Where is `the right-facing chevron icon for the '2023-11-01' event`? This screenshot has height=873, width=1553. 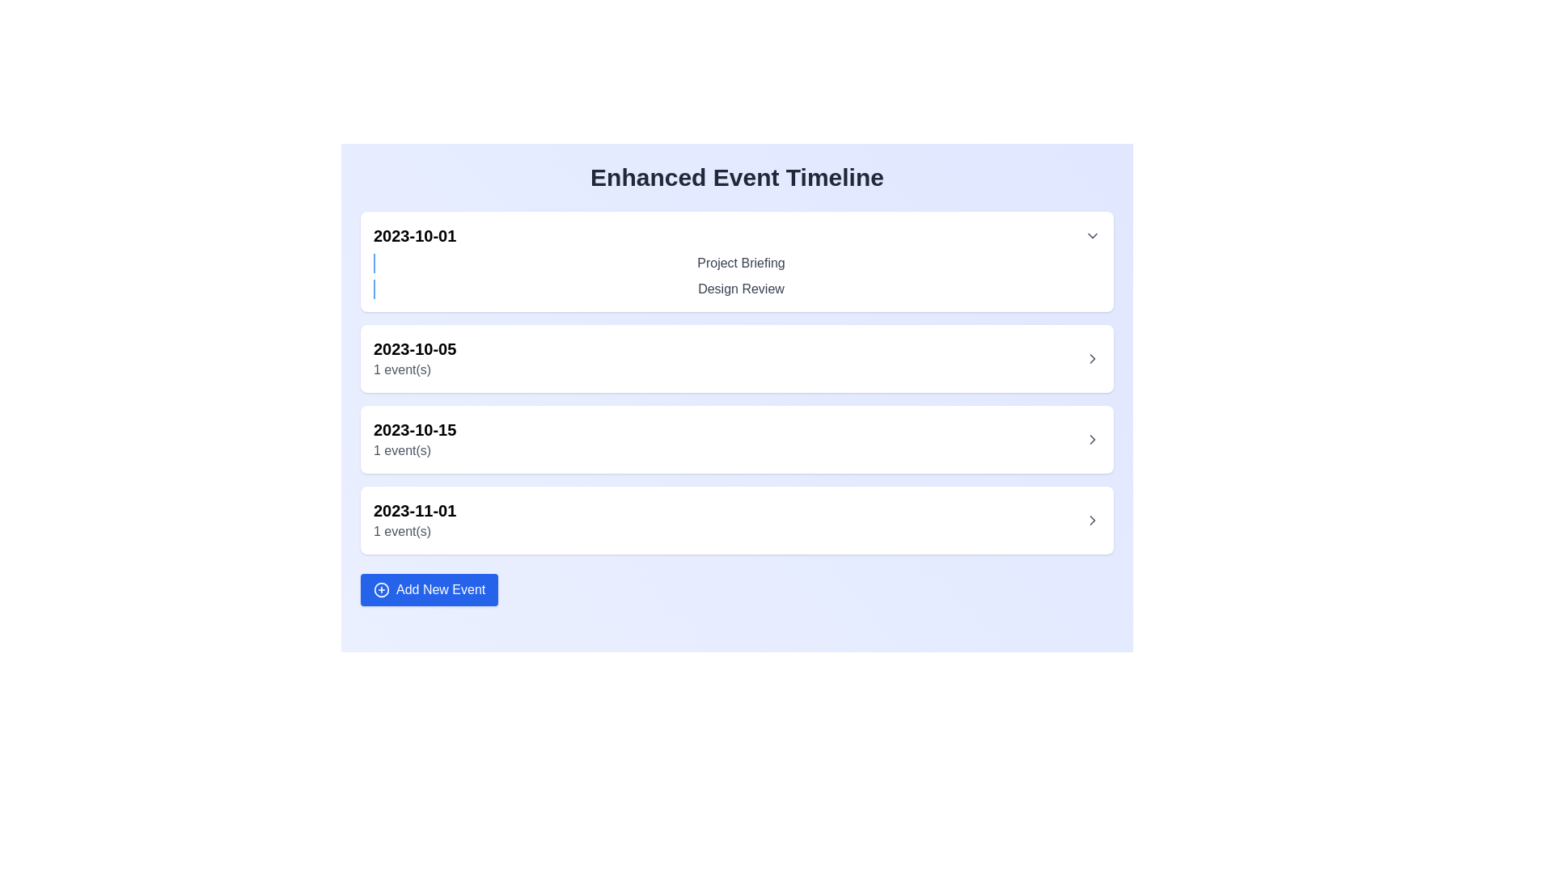
the right-facing chevron icon for the '2023-11-01' event is located at coordinates (1092, 521).